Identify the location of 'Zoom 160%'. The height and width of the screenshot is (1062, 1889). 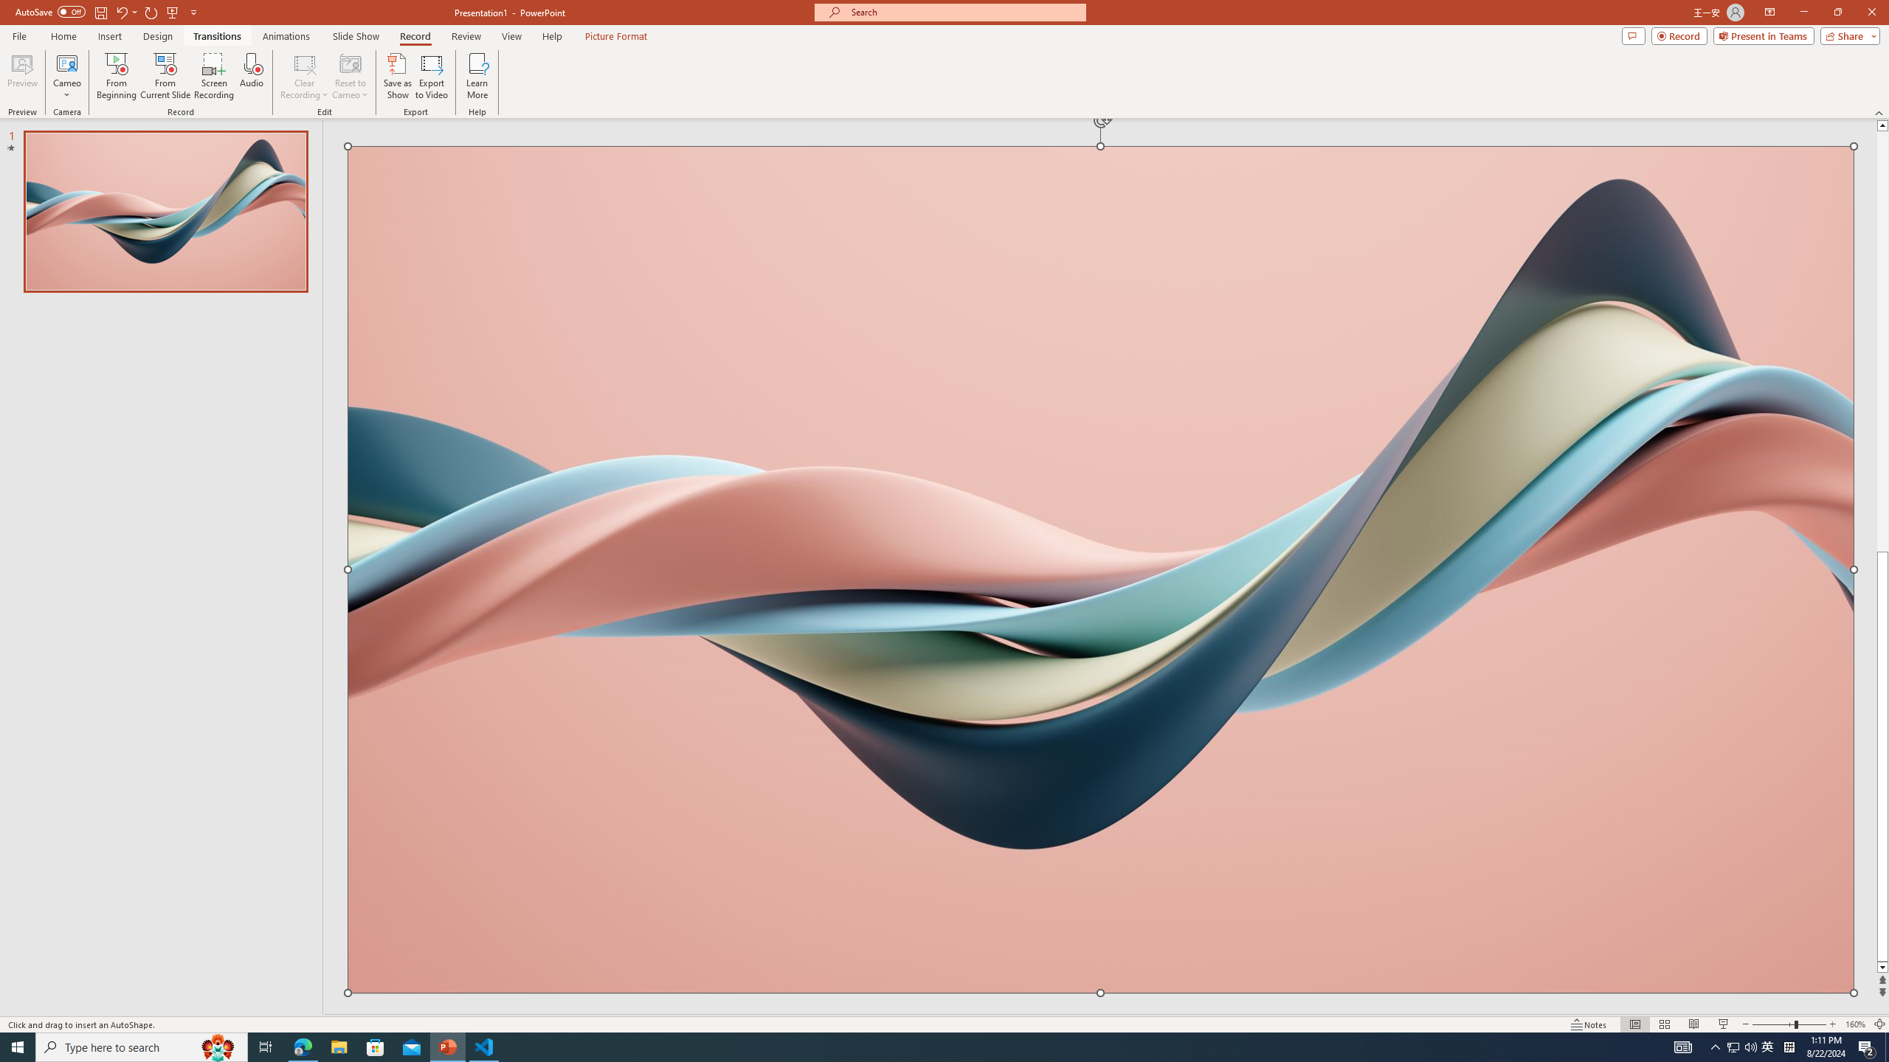
(1856, 1024).